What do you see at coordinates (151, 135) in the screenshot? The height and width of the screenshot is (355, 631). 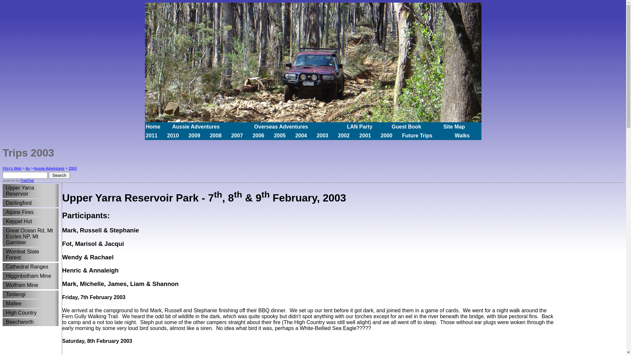 I see `'2011'` at bounding box center [151, 135].